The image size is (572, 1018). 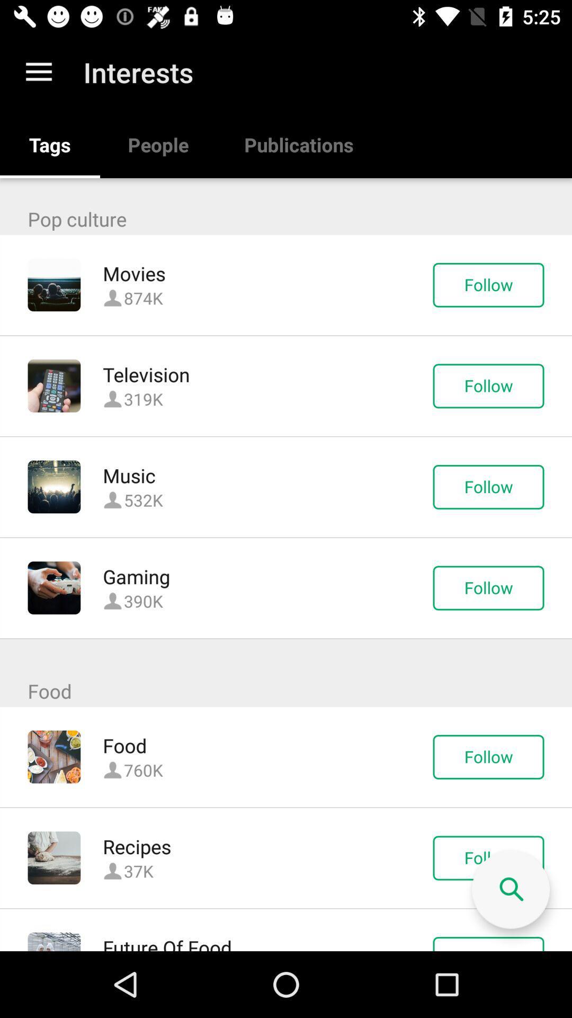 What do you see at coordinates (38, 72) in the screenshot?
I see `the app next to the interests app` at bounding box center [38, 72].